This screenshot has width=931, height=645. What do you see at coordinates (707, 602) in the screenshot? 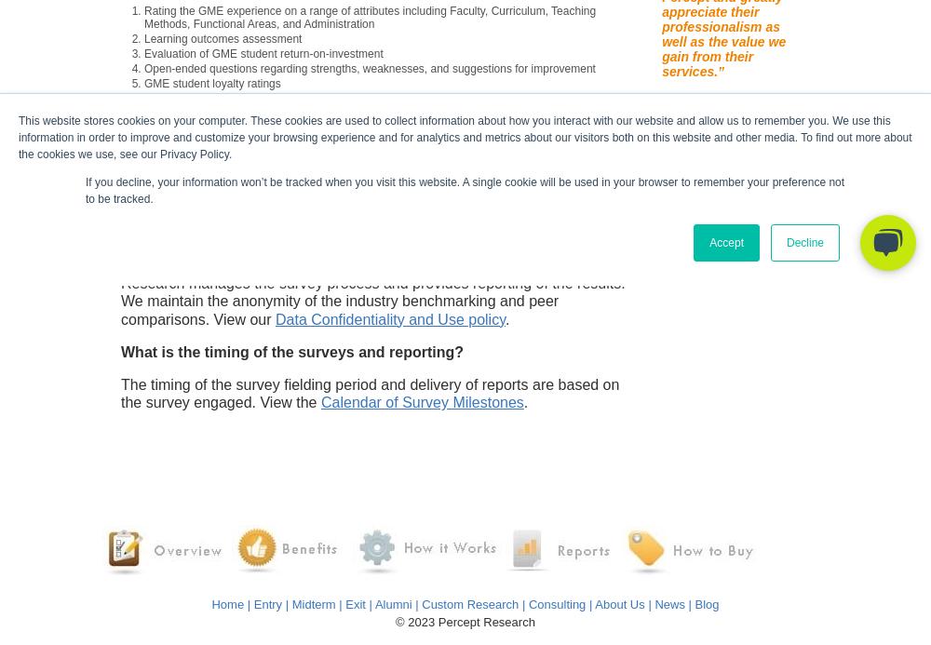
I see `'Blog'` at bounding box center [707, 602].